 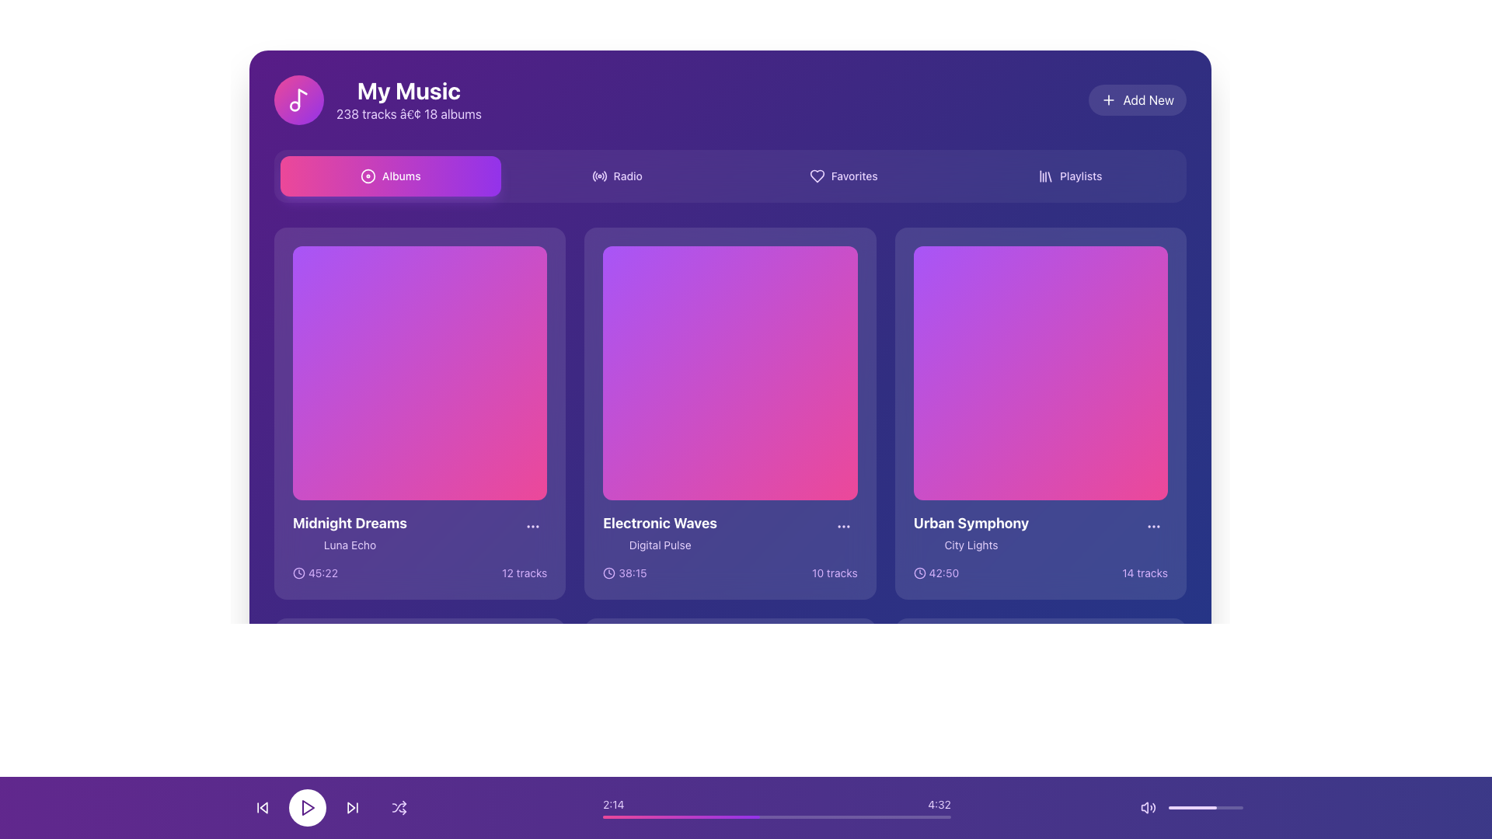 I want to click on the heart-shaped icon in the navigation bar associated with the 'Favorites' section, so click(x=816, y=176).